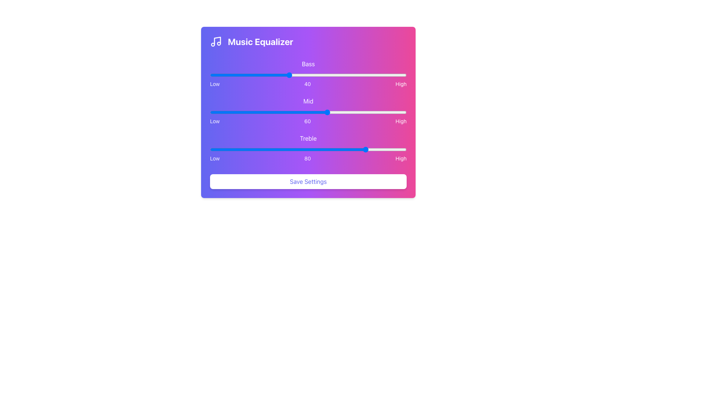 The height and width of the screenshot is (402, 715). Describe the element at coordinates (255, 75) in the screenshot. I see `the bass level` at that location.